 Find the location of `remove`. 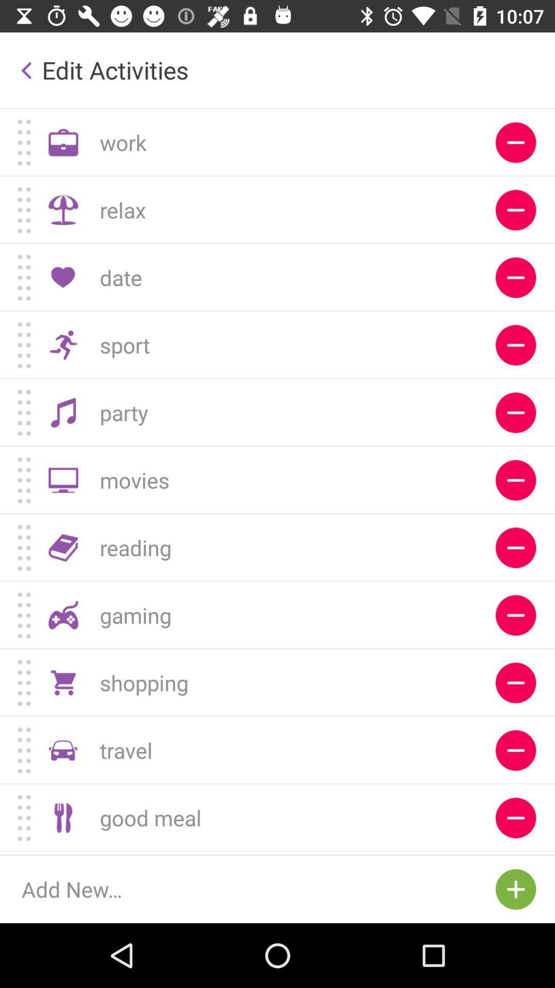

remove is located at coordinates (515, 480).